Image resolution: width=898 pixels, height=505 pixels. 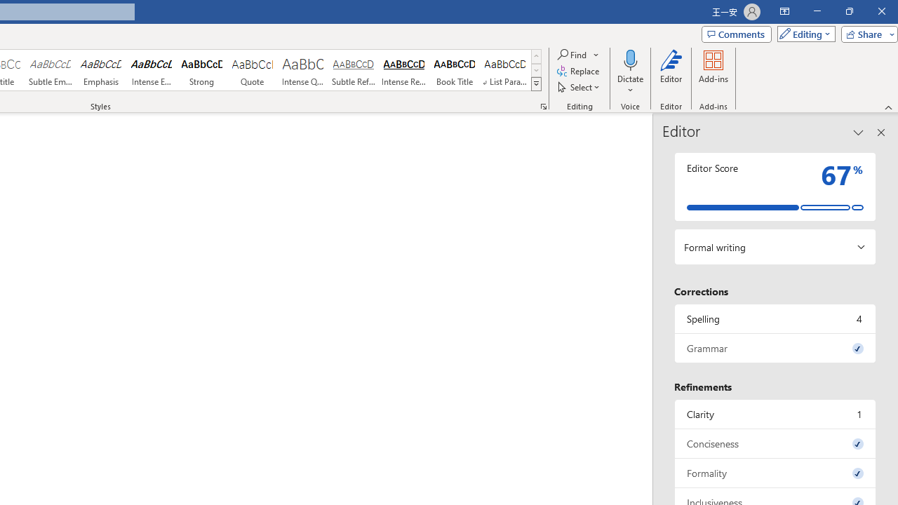 What do you see at coordinates (454, 70) in the screenshot?
I see `'Book Title'` at bounding box center [454, 70].